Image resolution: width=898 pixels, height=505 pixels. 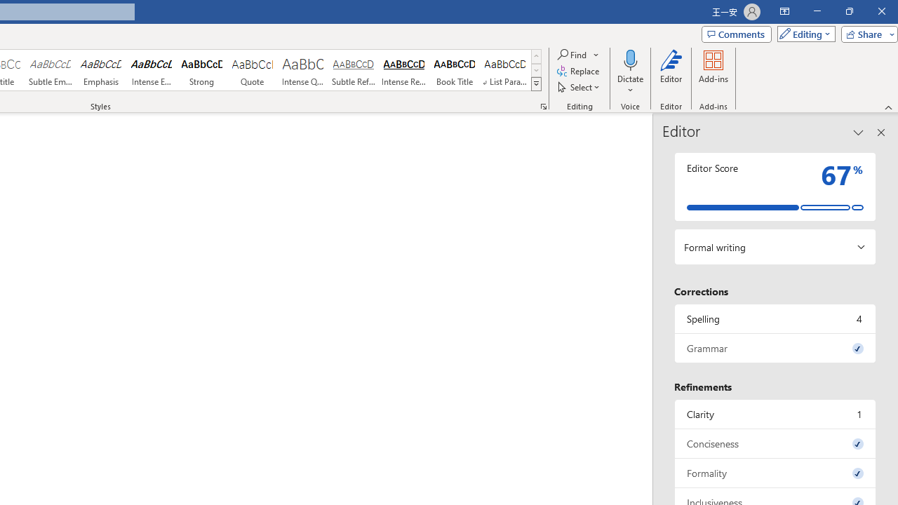 What do you see at coordinates (454, 70) in the screenshot?
I see `'Book Title'` at bounding box center [454, 70].